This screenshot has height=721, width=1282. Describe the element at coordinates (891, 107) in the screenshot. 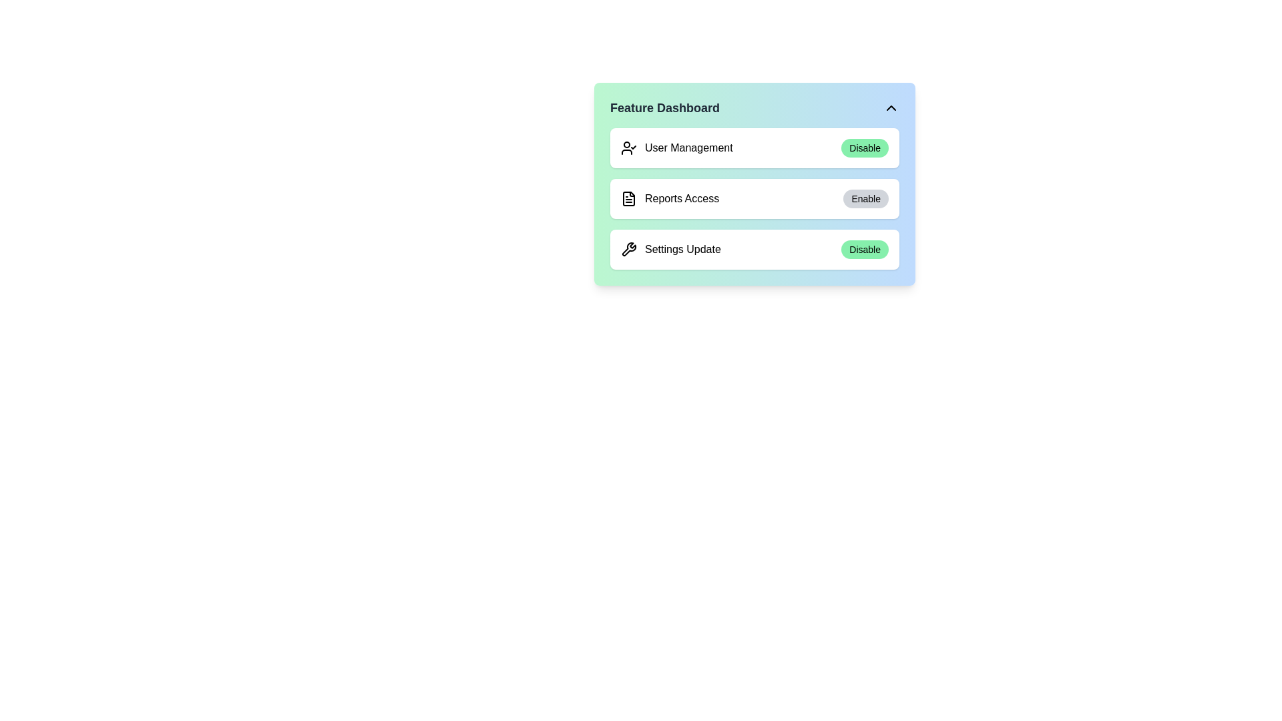

I see `the toggle button to change the visibility of the dashboard` at that location.